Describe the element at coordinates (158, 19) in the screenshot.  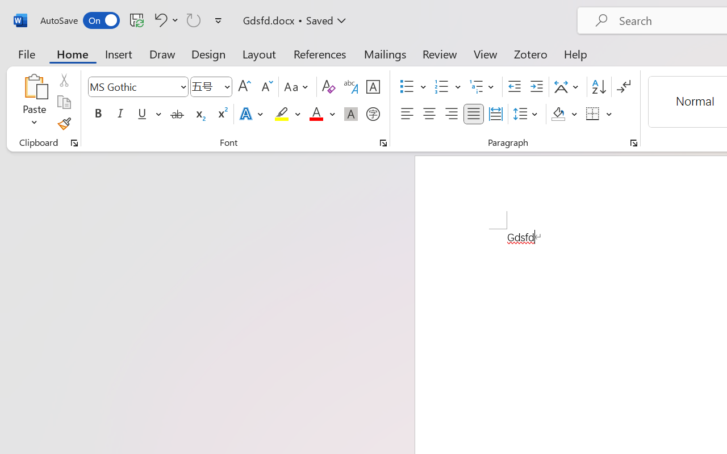
I see `'Undo Font Formatting'` at that location.